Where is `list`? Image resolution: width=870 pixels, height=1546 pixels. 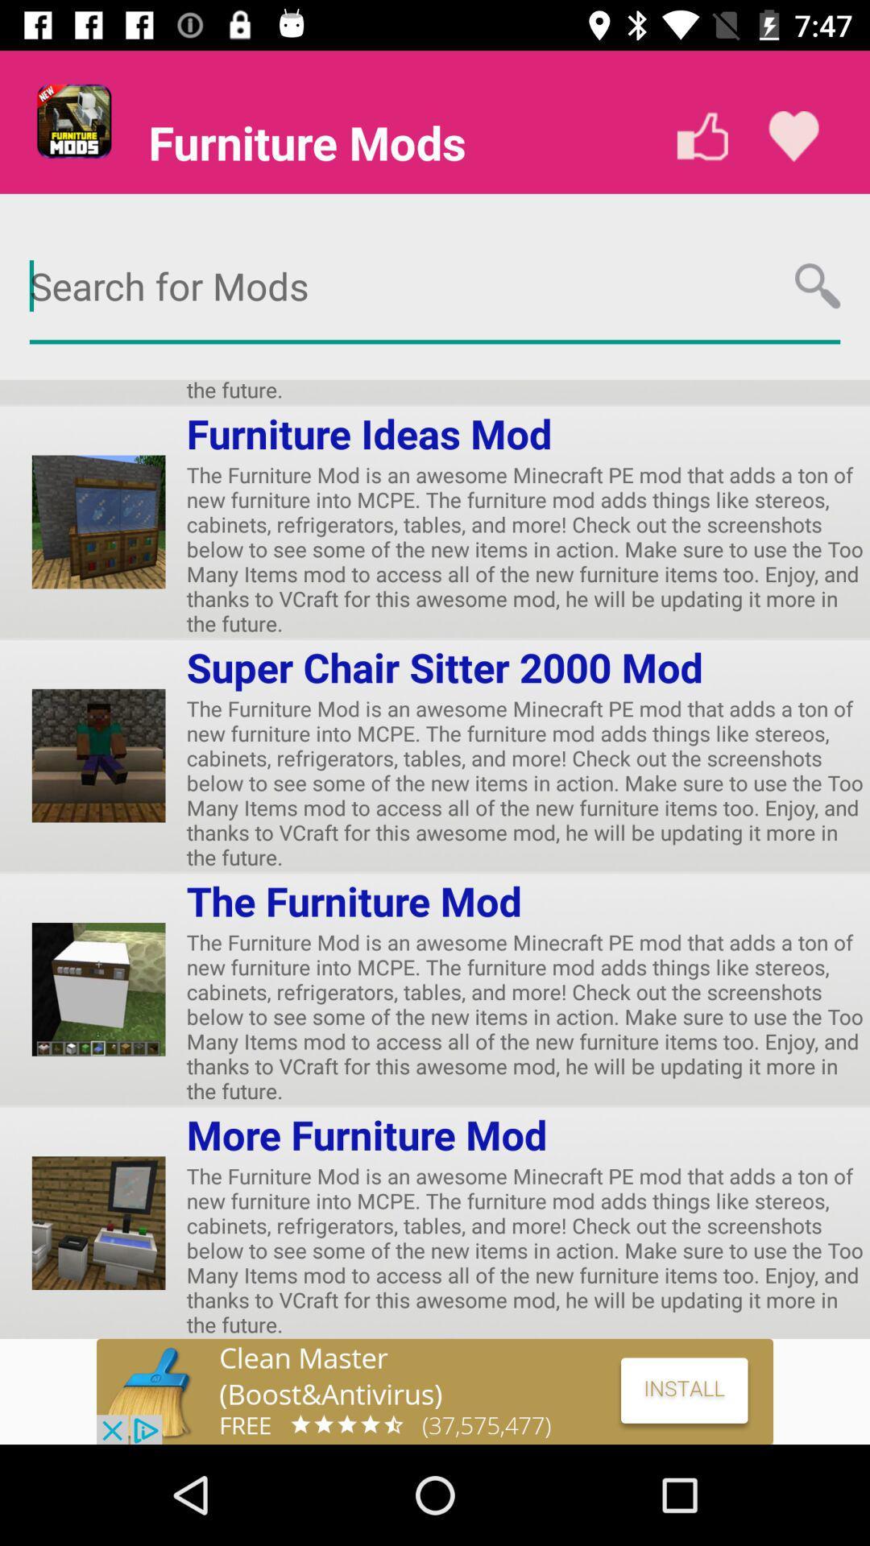
list is located at coordinates (793, 136).